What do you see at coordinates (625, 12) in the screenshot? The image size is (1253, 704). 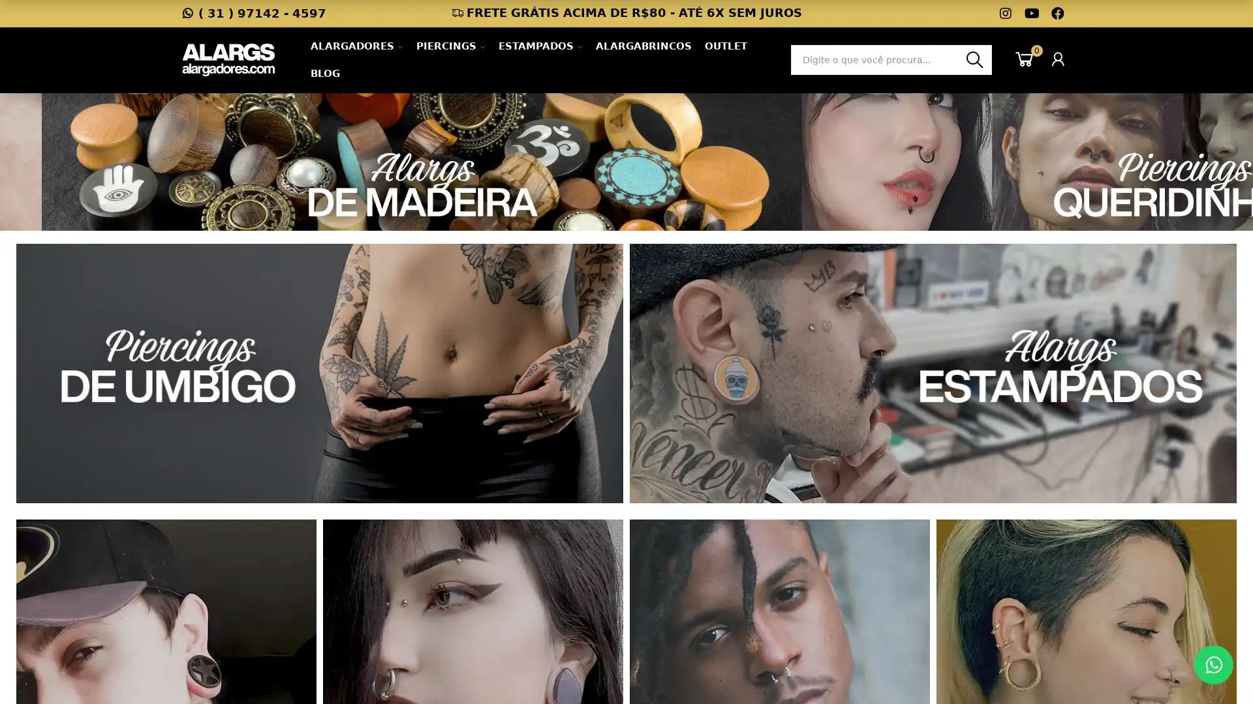 I see `FRETE GRATIS ACIMA DE R$80 - ATE 6X SEM JUROS` at bounding box center [625, 12].